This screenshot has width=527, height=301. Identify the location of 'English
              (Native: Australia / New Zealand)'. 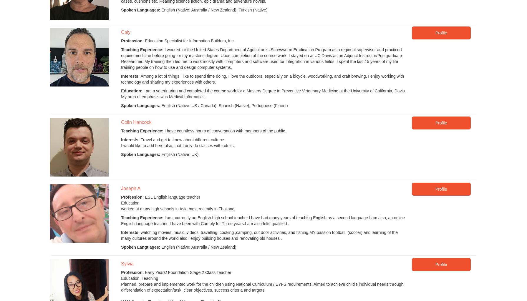
(198, 247).